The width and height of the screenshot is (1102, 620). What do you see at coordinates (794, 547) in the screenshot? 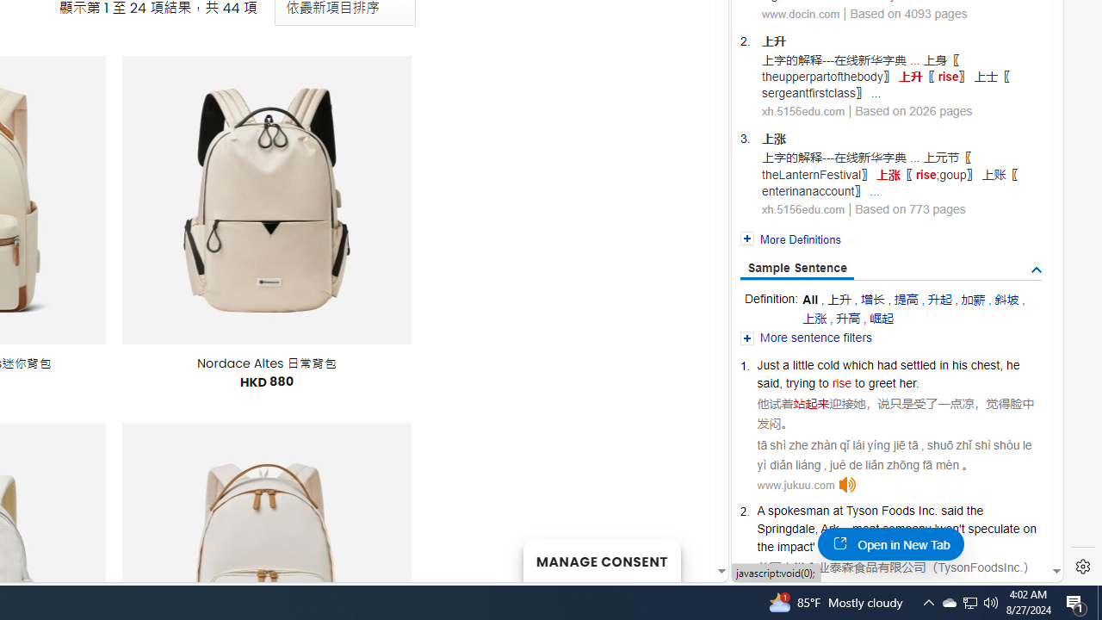
I see `'impact'` at bounding box center [794, 547].